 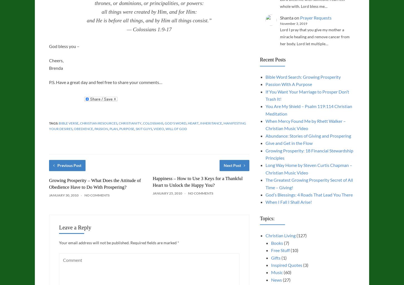 What do you see at coordinates (58, 123) in the screenshot?
I see `'bible verse'` at bounding box center [58, 123].